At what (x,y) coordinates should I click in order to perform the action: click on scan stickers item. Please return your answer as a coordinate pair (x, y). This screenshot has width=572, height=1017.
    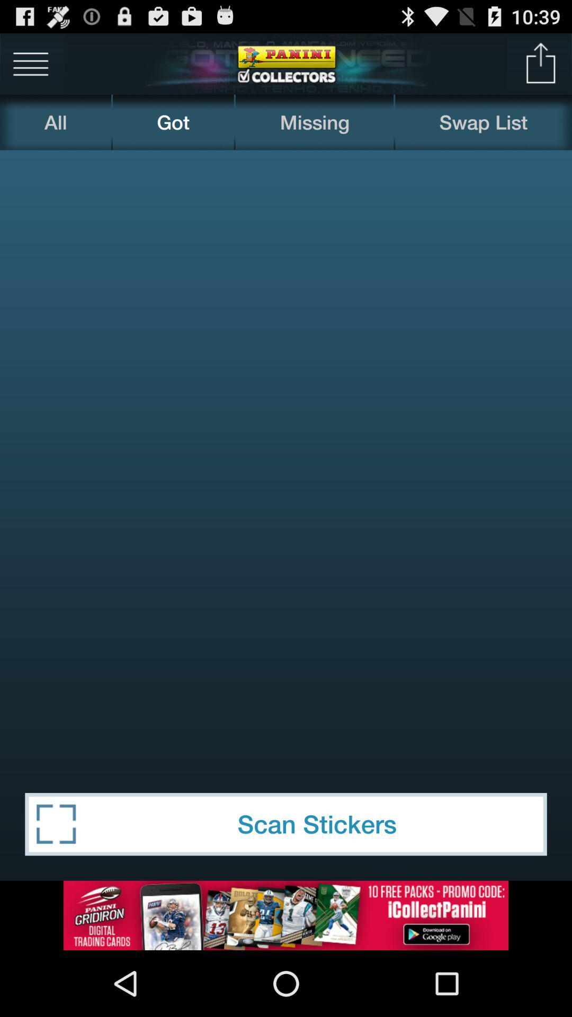
    Looking at the image, I should click on (286, 824).